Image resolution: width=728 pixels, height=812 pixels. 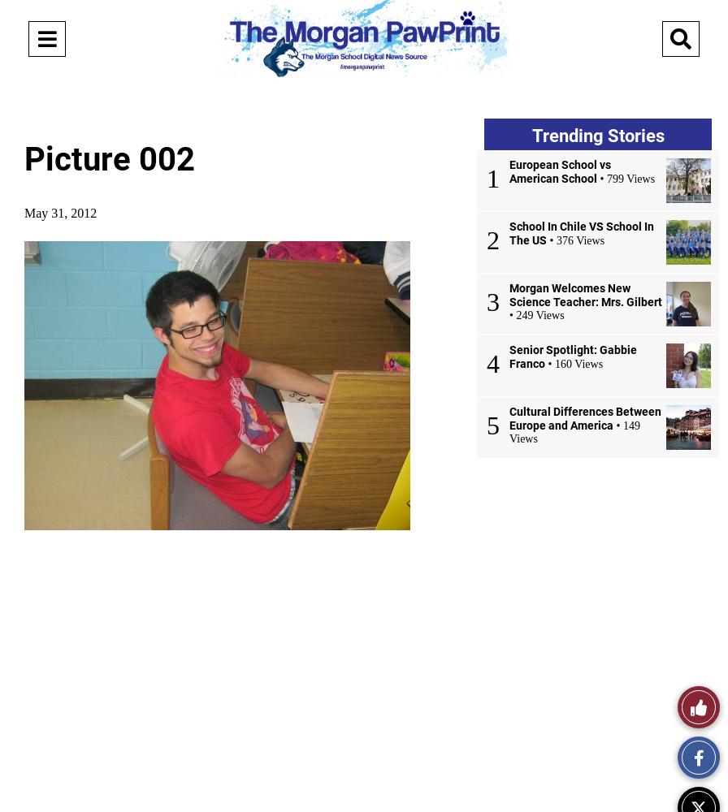 What do you see at coordinates (531, 136) in the screenshot?
I see `'Trending Stories'` at bounding box center [531, 136].